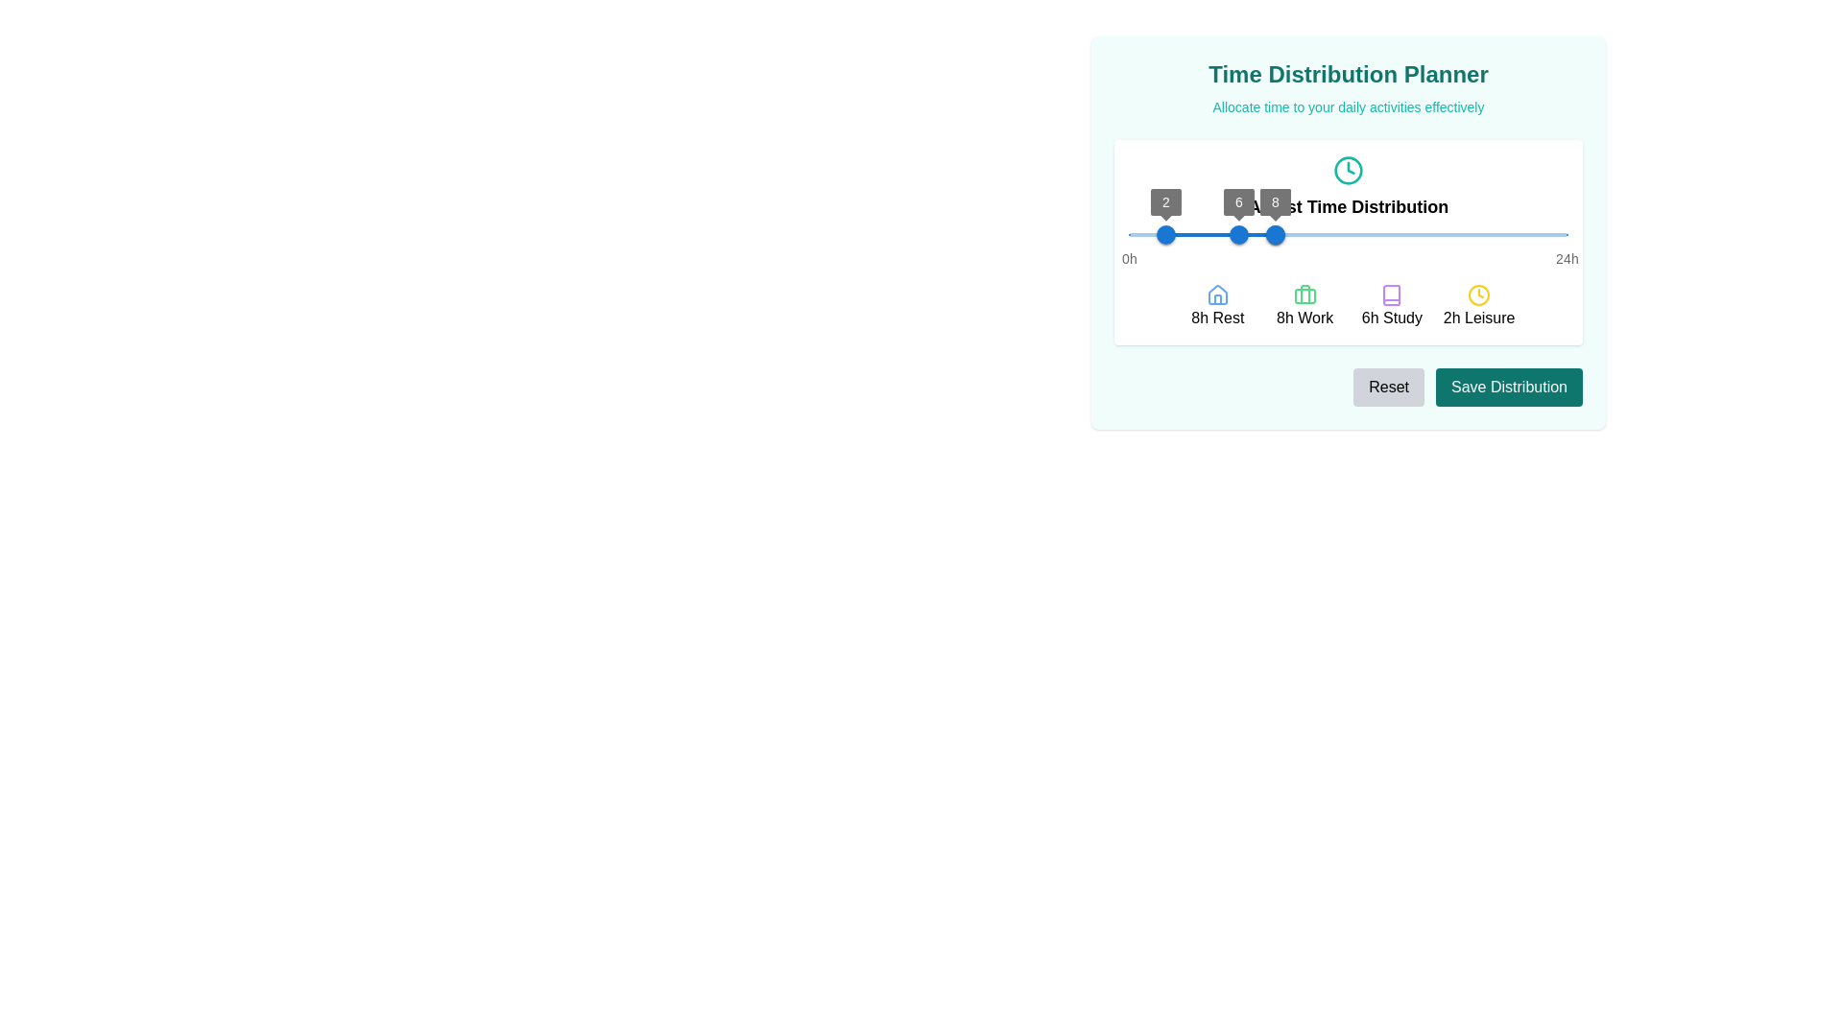 The height and width of the screenshot is (1036, 1843). I want to click on the circular teal-bordered icon that outlines the clock face in the time distribution planner interface, so click(1348, 169).